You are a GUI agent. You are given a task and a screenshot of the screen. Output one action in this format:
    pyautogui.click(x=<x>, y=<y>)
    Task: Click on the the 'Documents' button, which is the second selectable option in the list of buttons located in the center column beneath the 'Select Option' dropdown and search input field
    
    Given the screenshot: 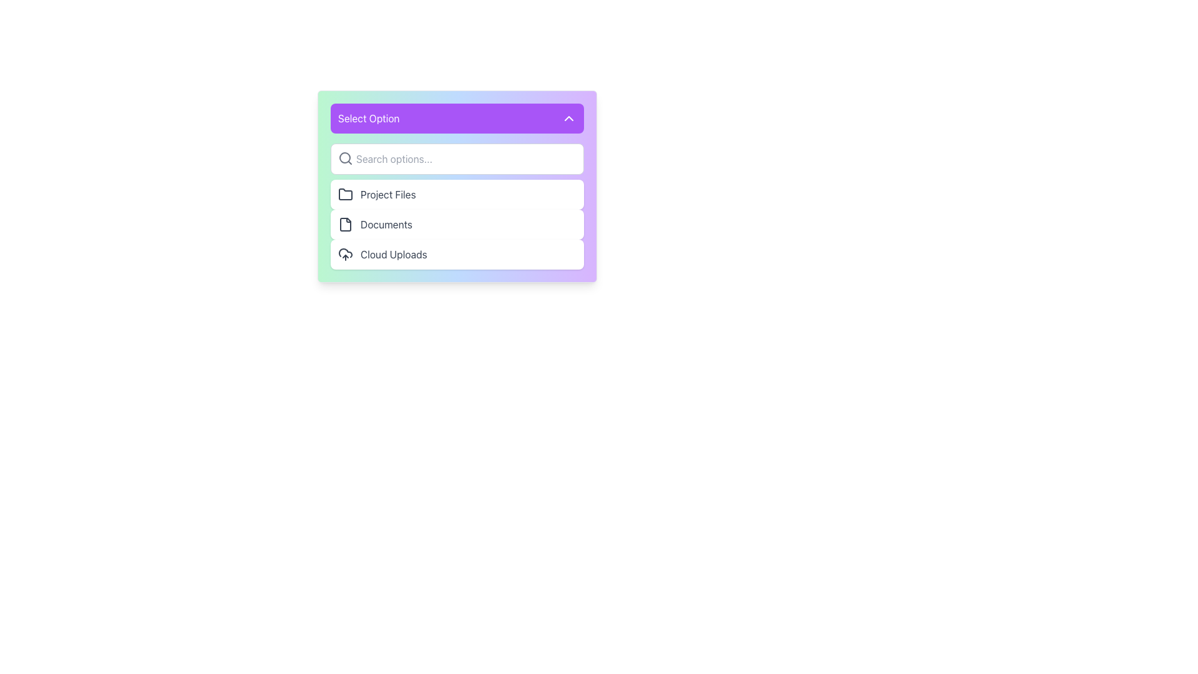 What is the action you would take?
    pyautogui.click(x=457, y=223)
    